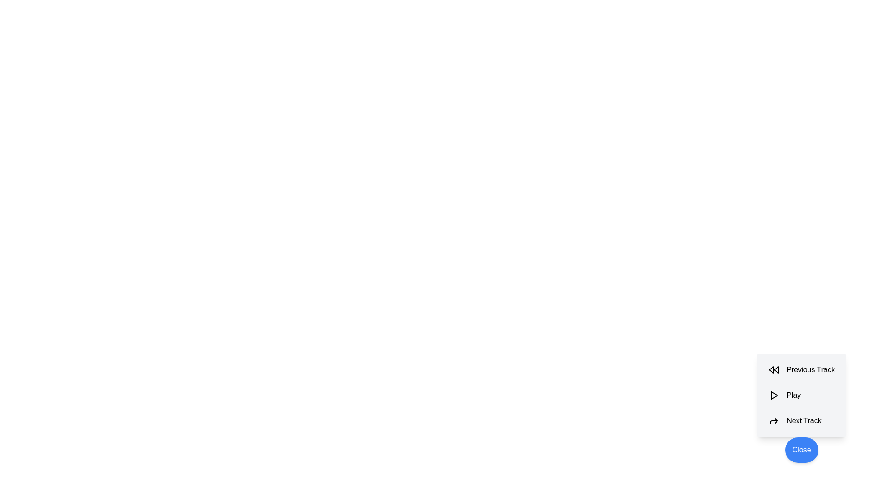  What do you see at coordinates (801, 395) in the screenshot?
I see `the media playback button located below the 'Previous Track' button and above the 'Next Track' button in the light gray rounded box` at bounding box center [801, 395].